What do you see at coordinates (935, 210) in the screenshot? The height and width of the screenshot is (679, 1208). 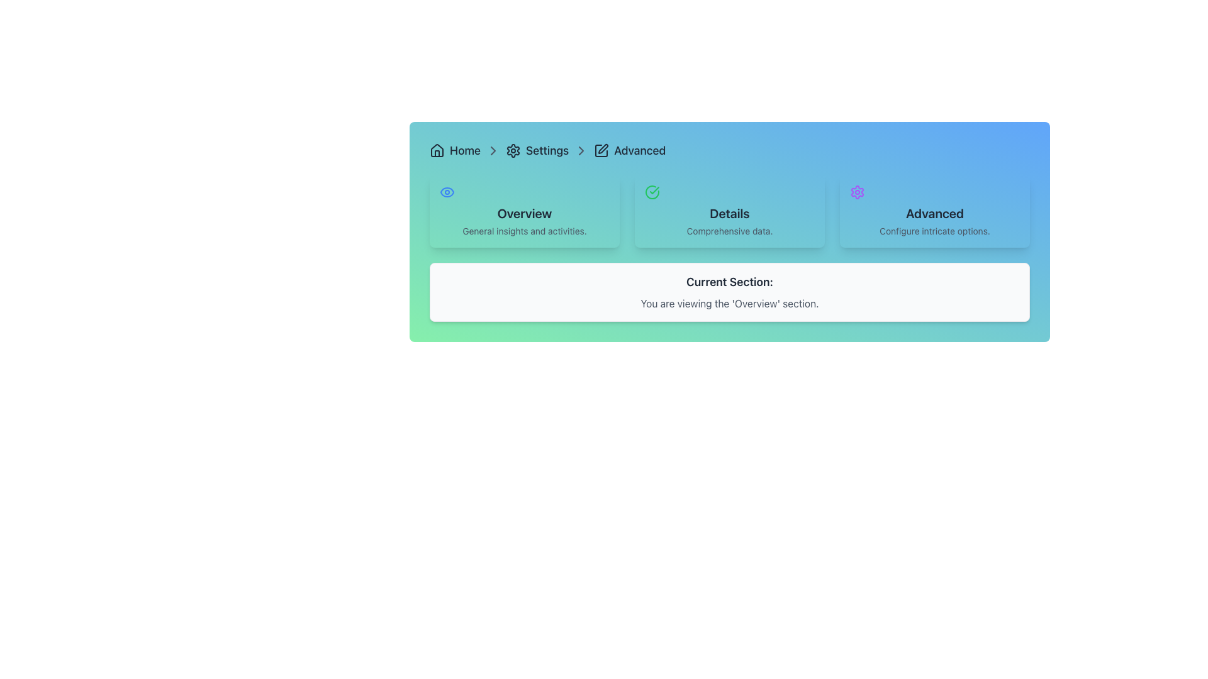 I see `the 'Advanced' button located at the top-right corner of the layout` at bounding box center [935, 210].